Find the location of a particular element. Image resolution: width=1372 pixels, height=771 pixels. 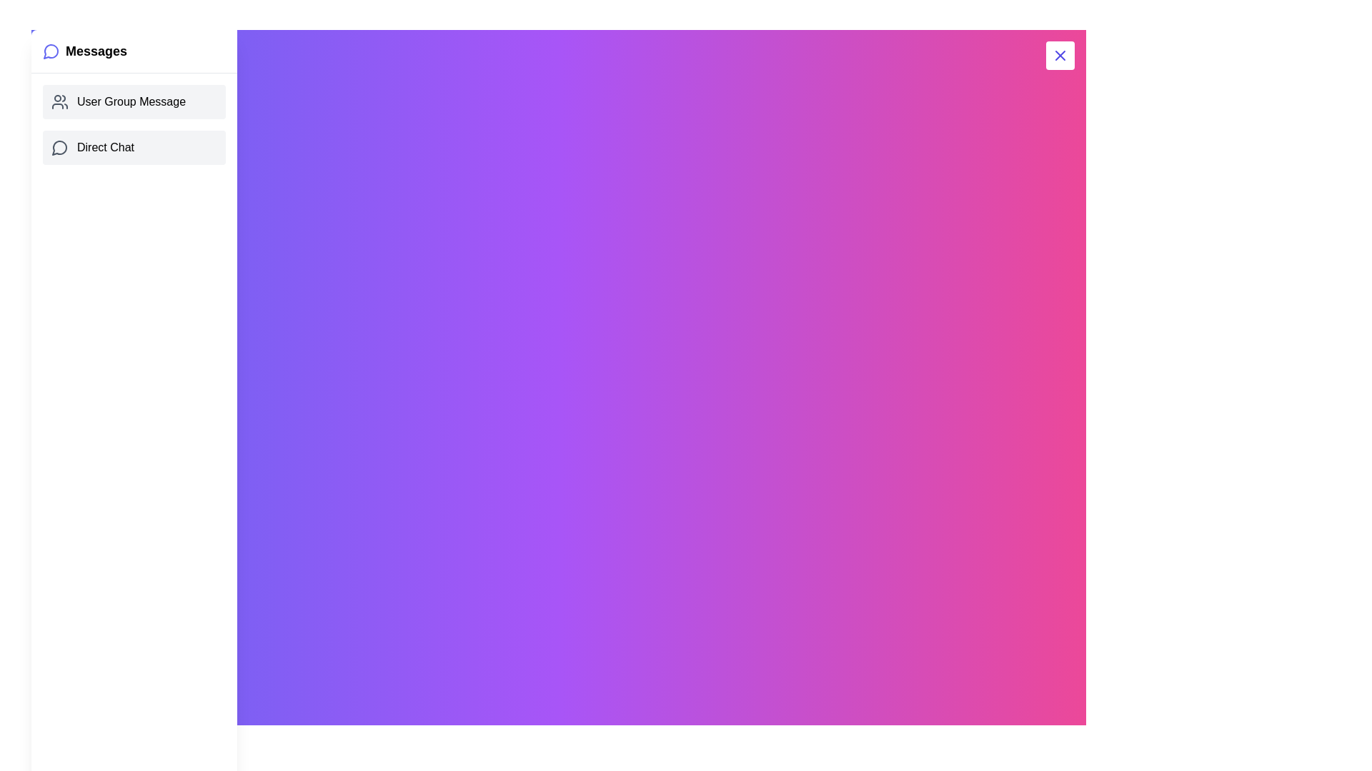

the 'Direct Chat' icon located in the left-side navigation panel, which precedes the text label 'Direct Chat' is located at coordinates (59, 148).